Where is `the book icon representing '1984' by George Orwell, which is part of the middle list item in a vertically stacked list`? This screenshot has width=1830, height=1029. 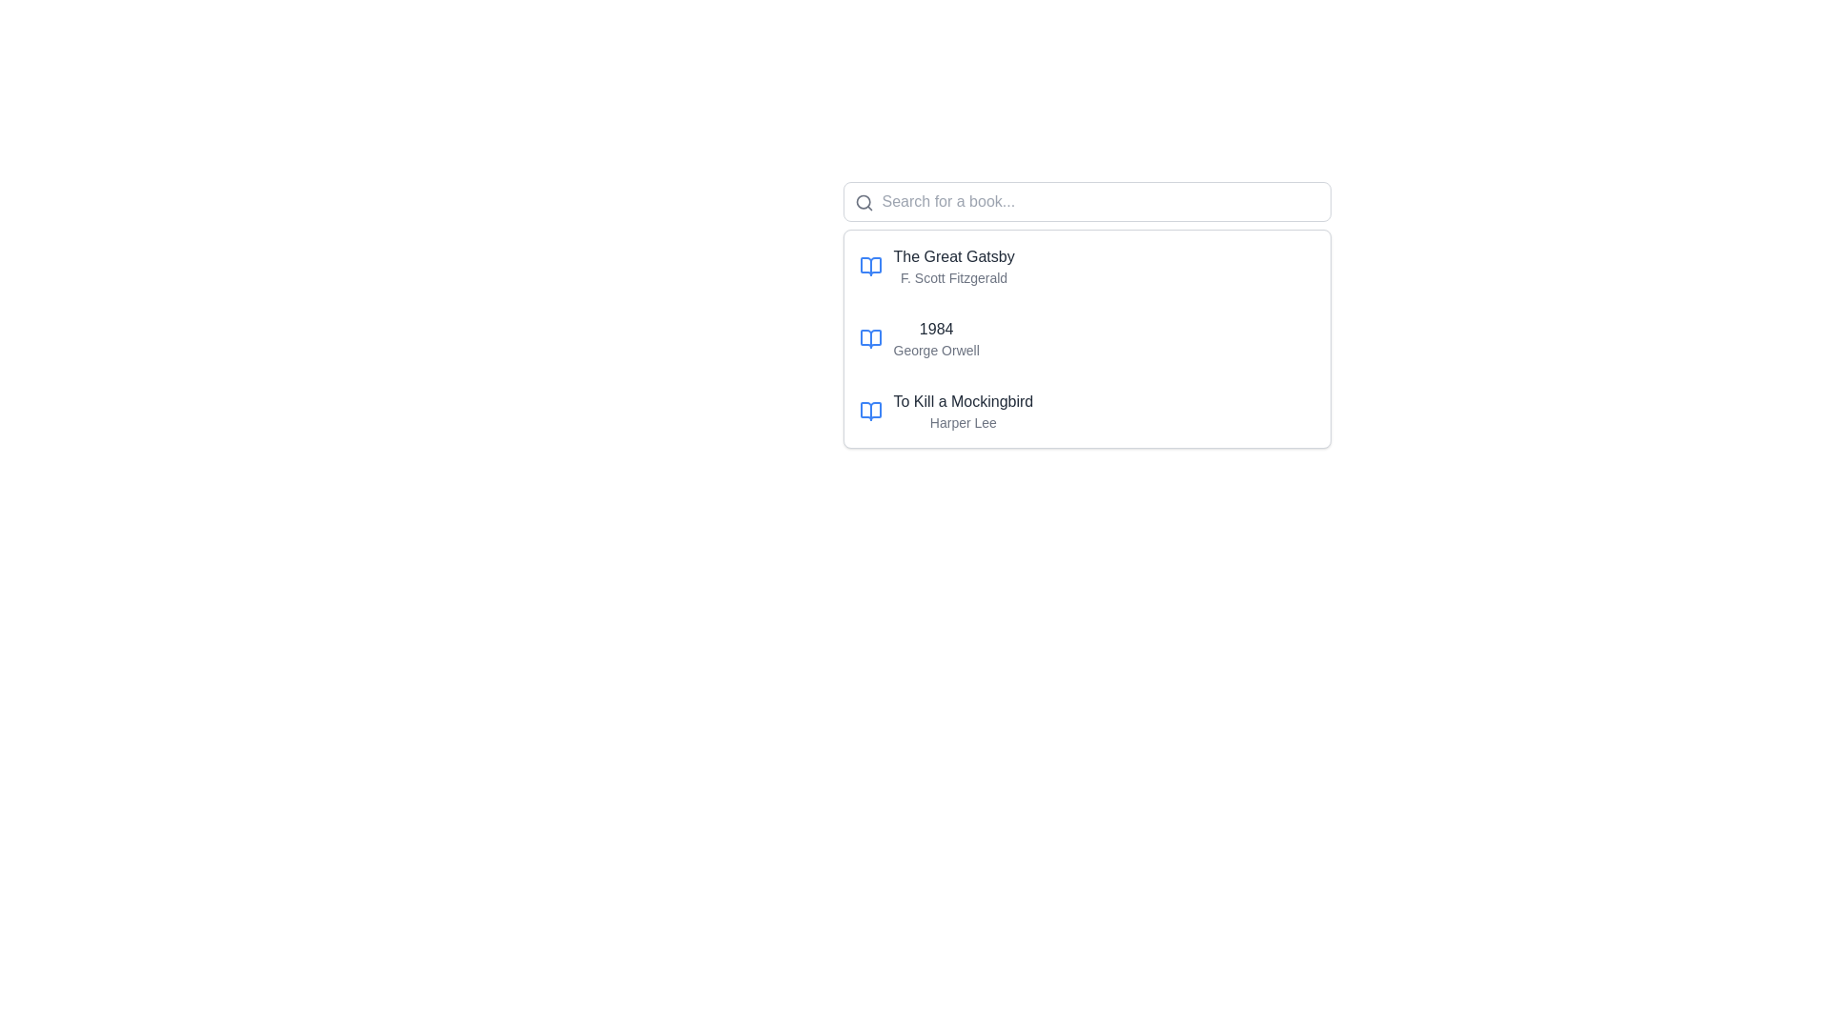
the book icon representing '1984' by George Orwell, which is part of the middle list item in a vertically stacked list is located at coordinates (869, 337).